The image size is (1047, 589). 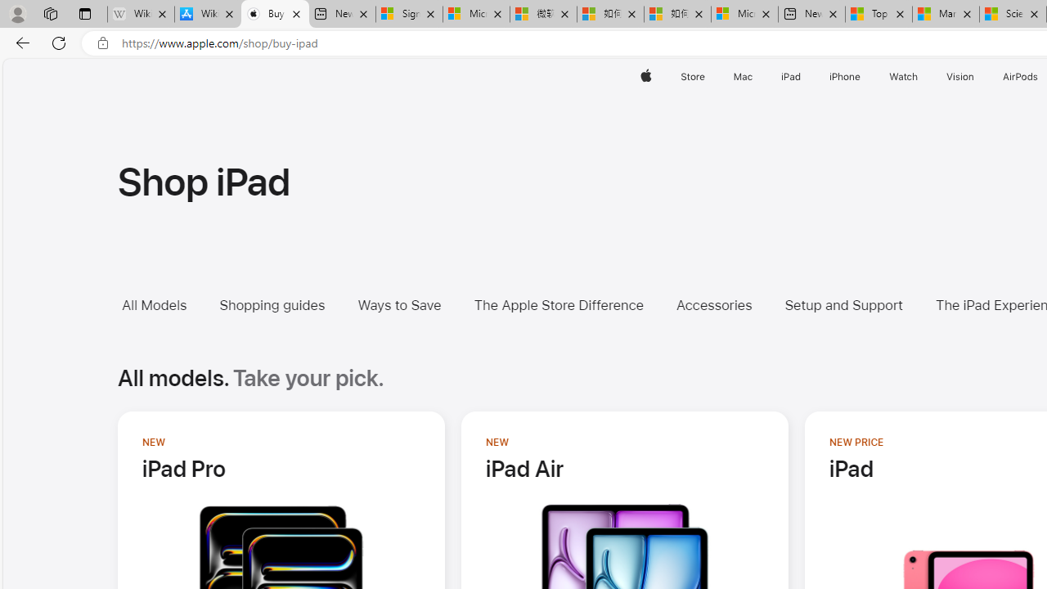 What do you see at coordinates (843, 305) in the screenshot?
I see `'Setup and Support'` at bounding box center [843, 305].